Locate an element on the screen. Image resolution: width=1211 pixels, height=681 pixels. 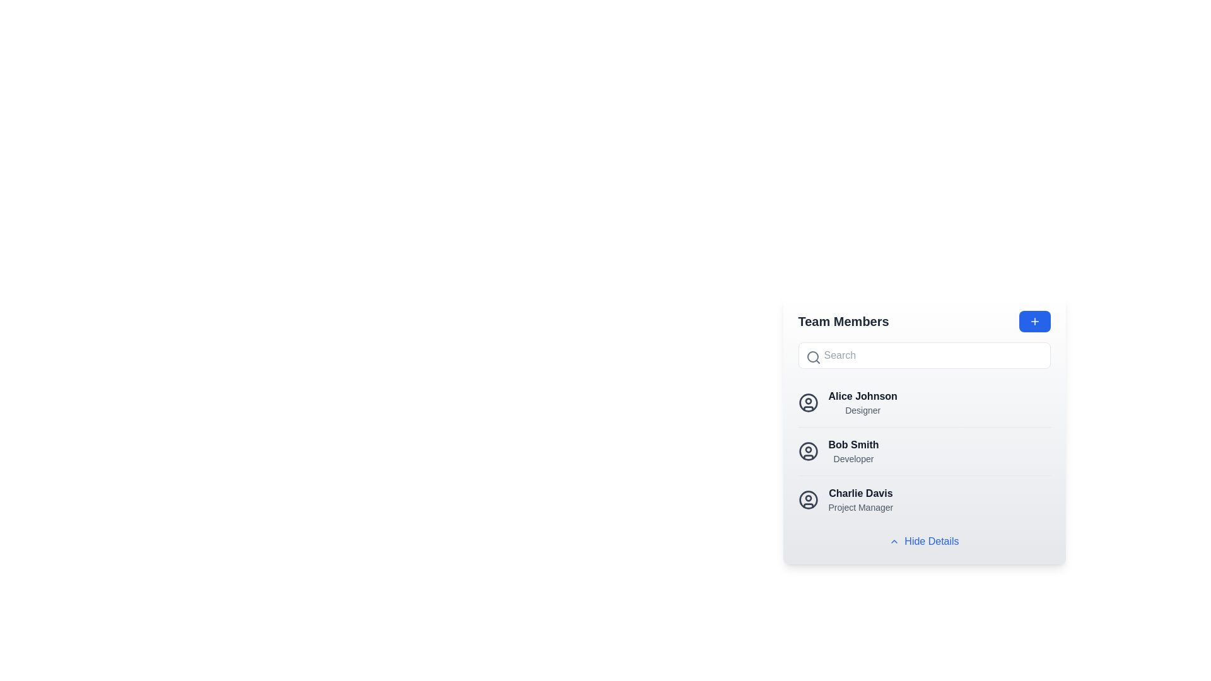
the team member profile for 'Bob Smith', the second item in the list is located at coordinates (924, 450).